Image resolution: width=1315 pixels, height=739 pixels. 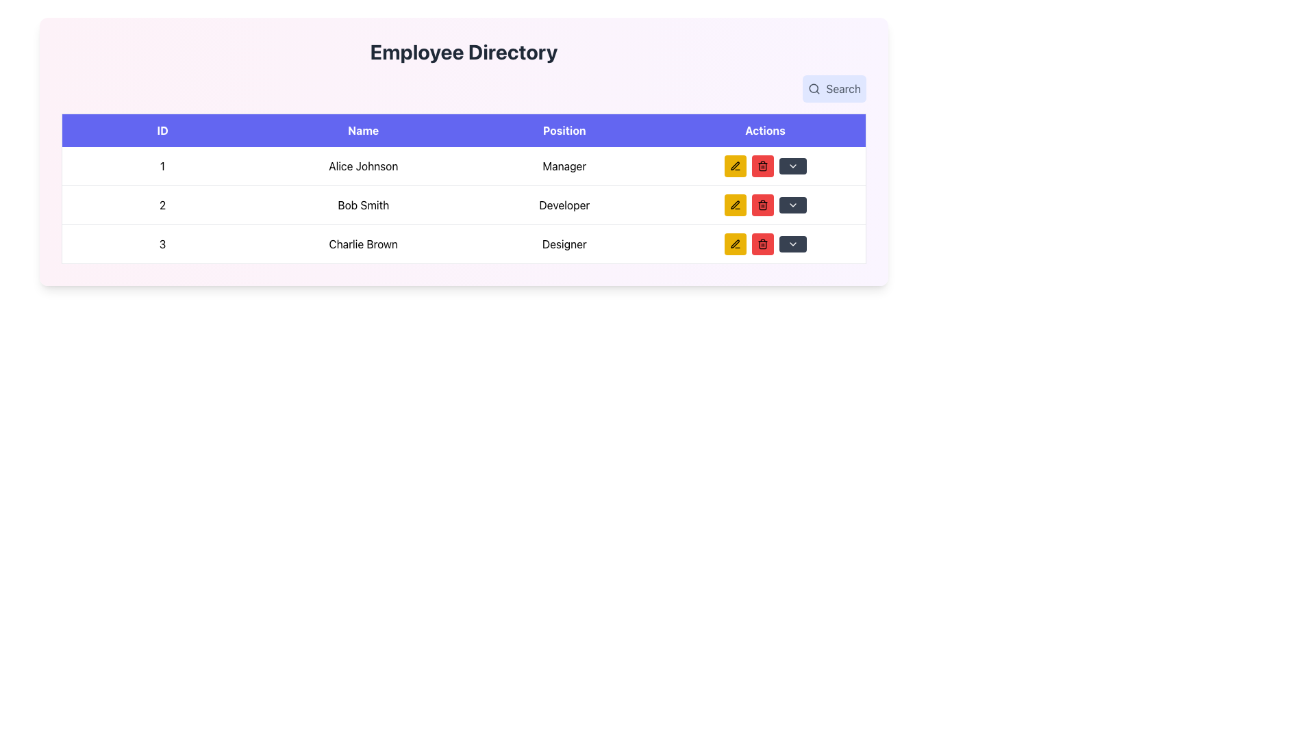 I want to click on the search icon, which is a simple magnifying glass design located within the 'Search' button, so click(x=814, y=89).